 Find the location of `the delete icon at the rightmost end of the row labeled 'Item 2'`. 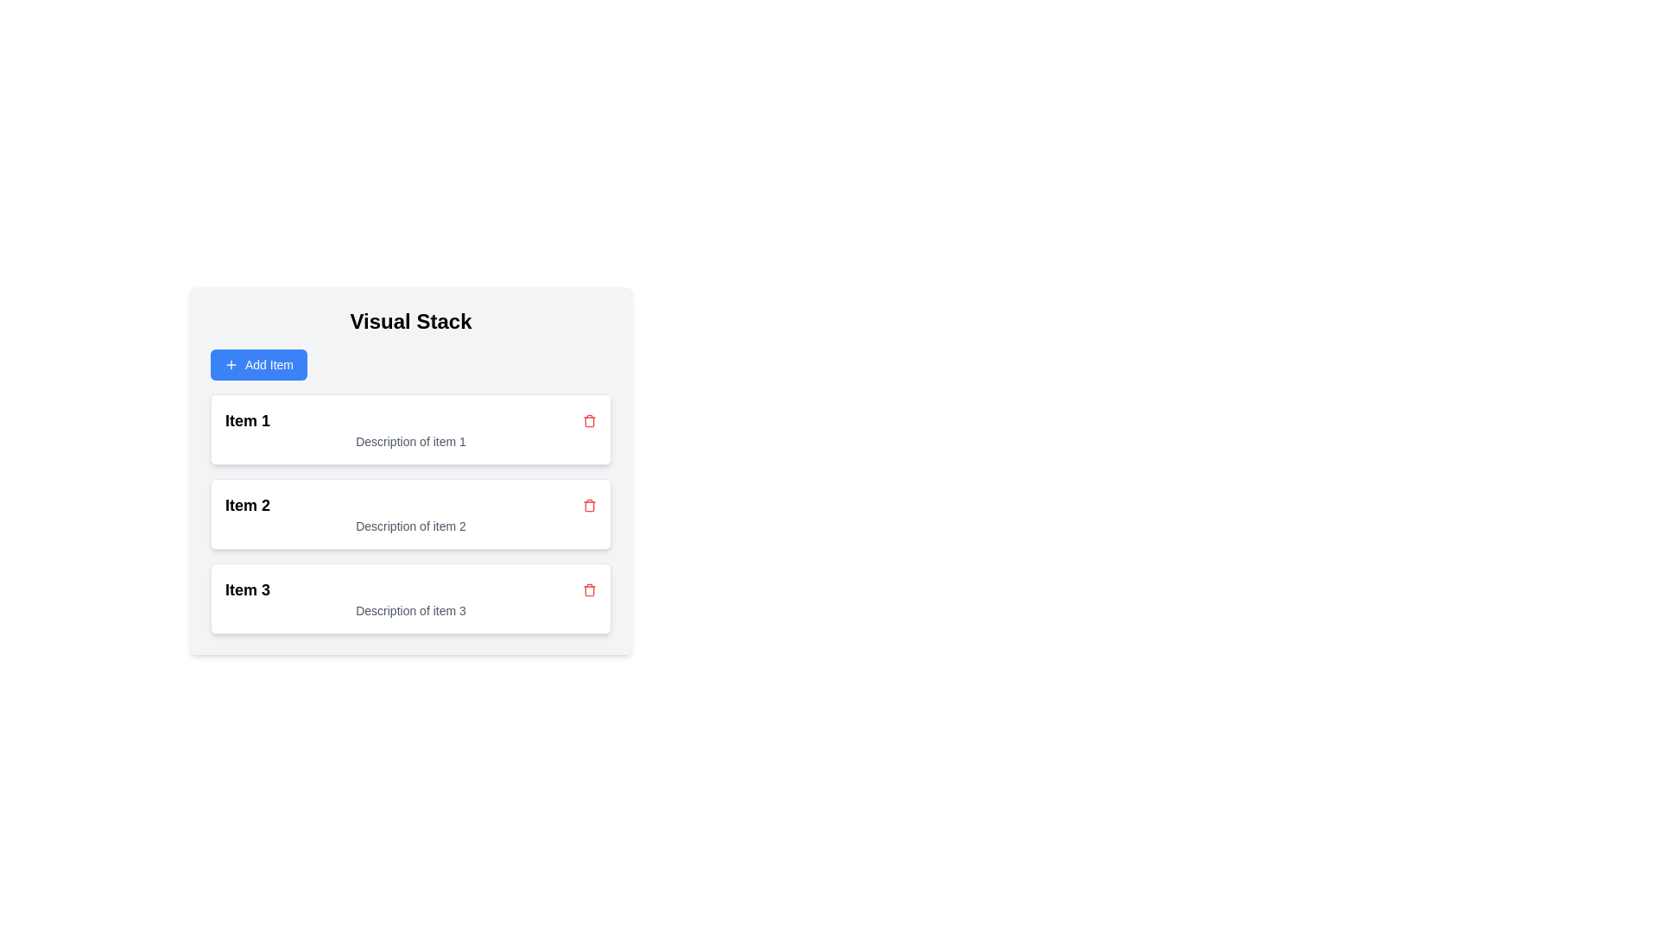

the delete icon at the rightmost end of the row labeled 'Item 2' is located at coordinates (589, 422).